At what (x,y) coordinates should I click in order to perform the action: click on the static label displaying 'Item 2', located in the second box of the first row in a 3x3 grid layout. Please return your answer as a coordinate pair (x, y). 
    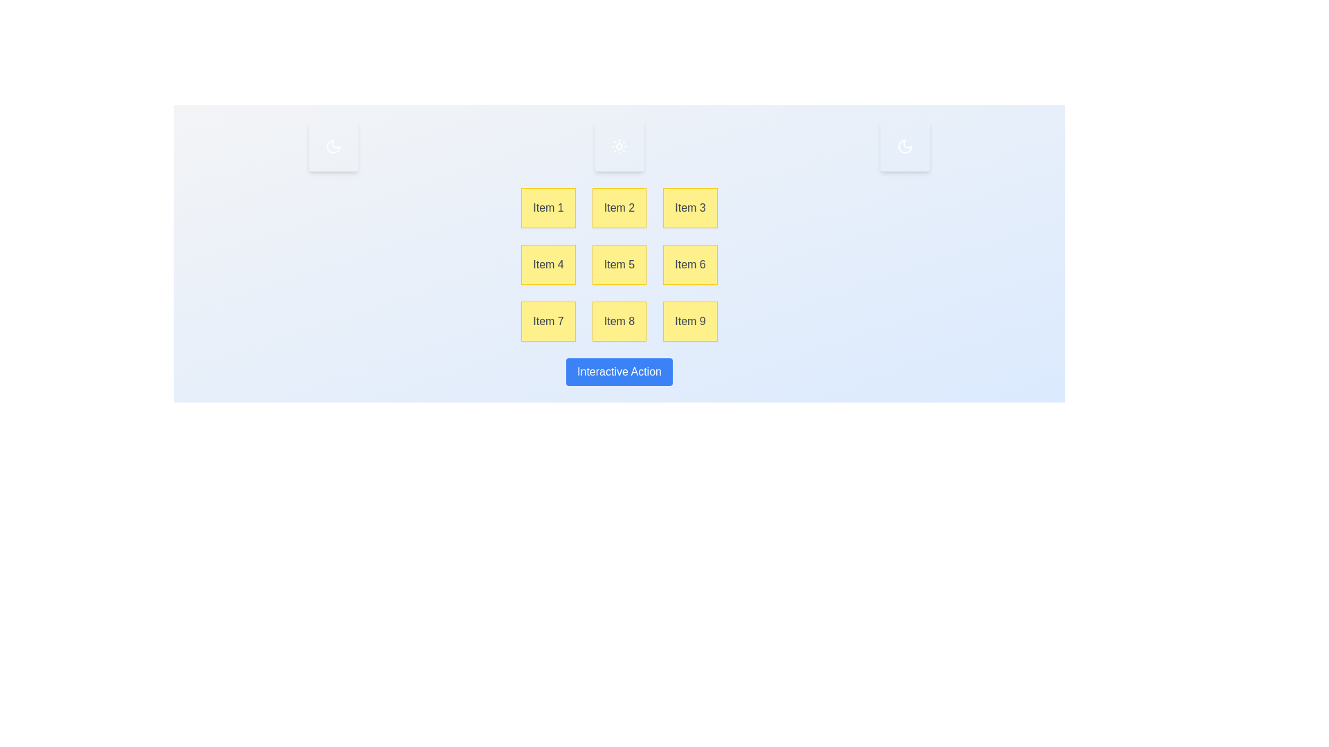
    Looking at the image, I should click on (618, 207).